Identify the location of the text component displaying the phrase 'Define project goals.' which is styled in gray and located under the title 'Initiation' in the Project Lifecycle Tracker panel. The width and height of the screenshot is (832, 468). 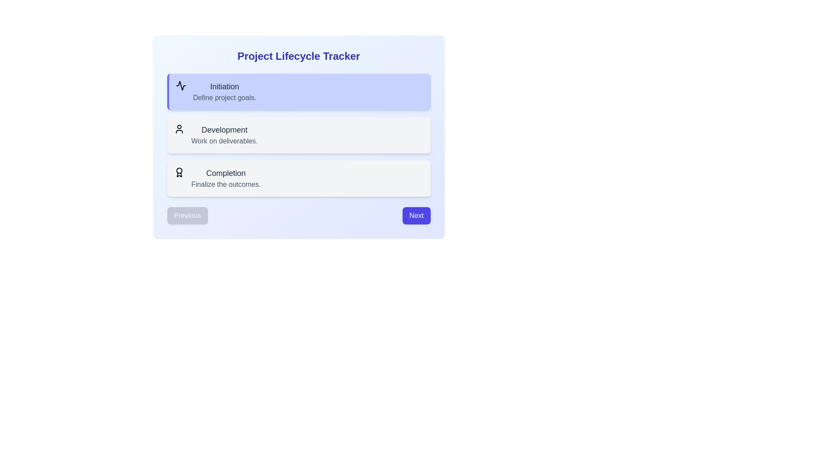
(224, 97).